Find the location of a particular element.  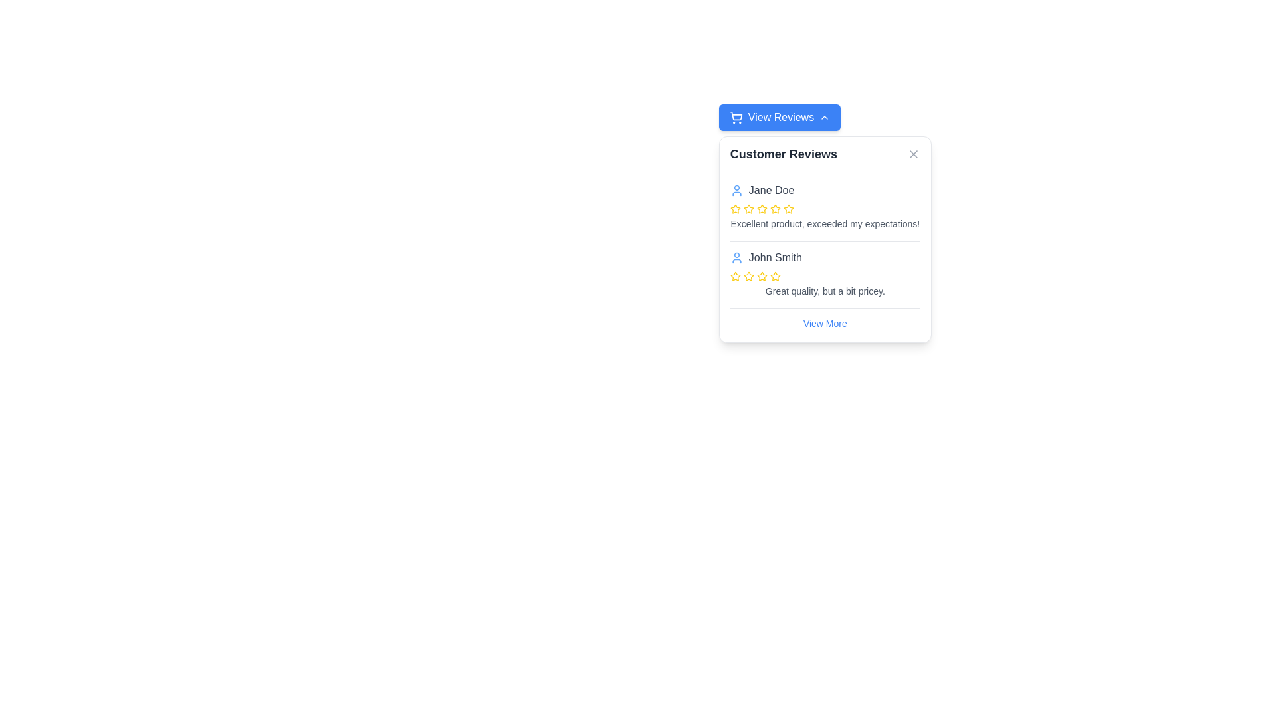

the second star icon in the five-star rating sequence for the review by 'Jane Doe.' is located at coordinates (734, 209).